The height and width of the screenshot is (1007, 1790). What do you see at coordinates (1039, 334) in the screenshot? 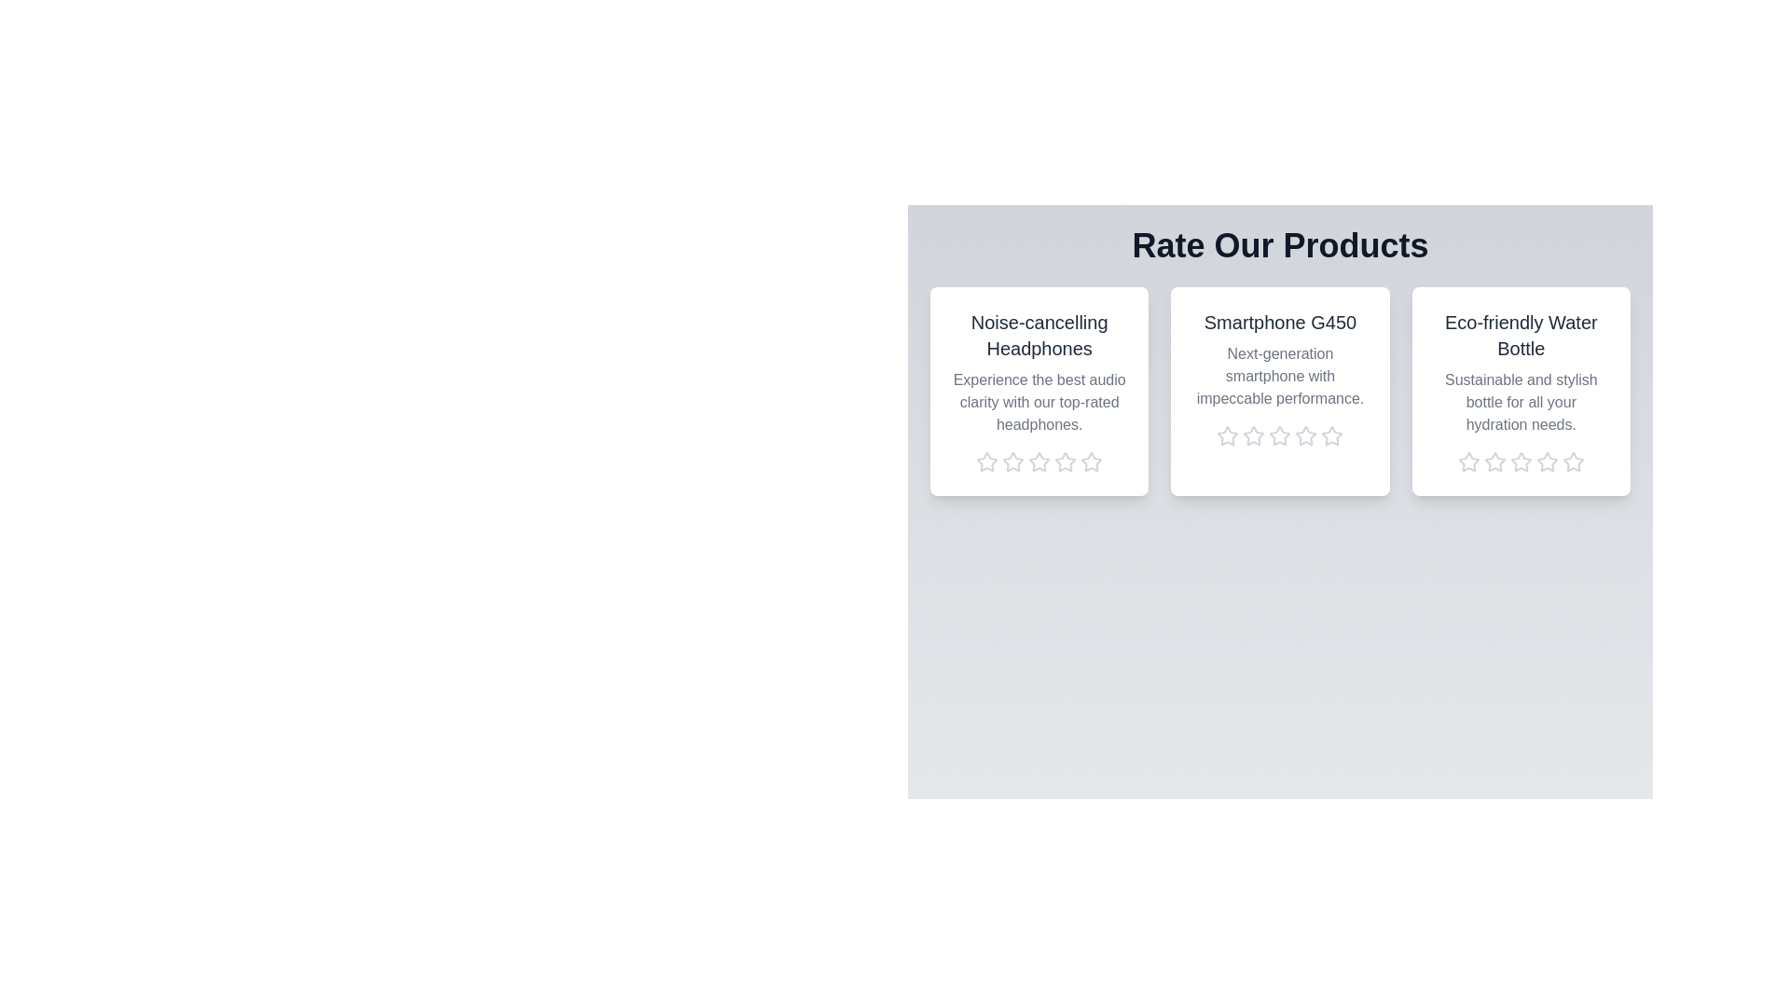
I see `the product name Noise-cancelling Headphones to trigger its associated action` at bounding box center [1039, 334].